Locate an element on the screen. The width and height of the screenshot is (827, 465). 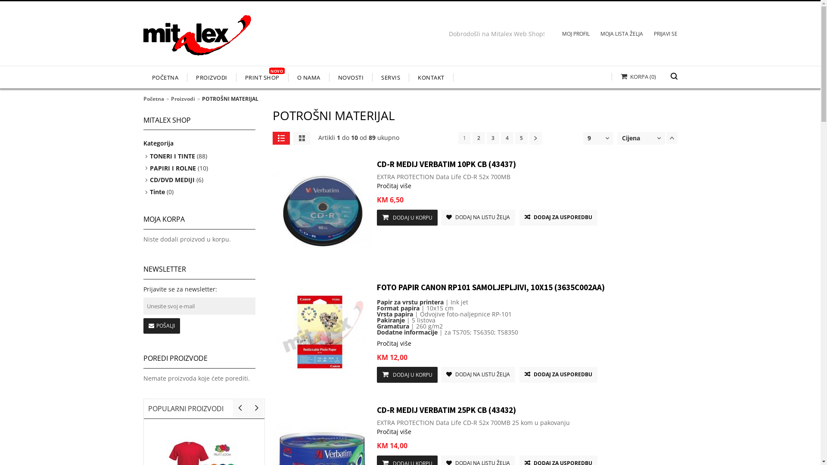
'O NAMA' is located at coordinates (309, 77).